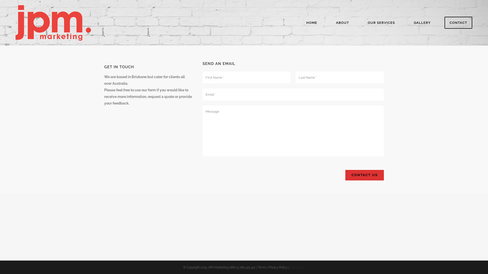 The width and height of the screenshot is (488, 274). I want to click on 'Contact Us', so click(364, 175).